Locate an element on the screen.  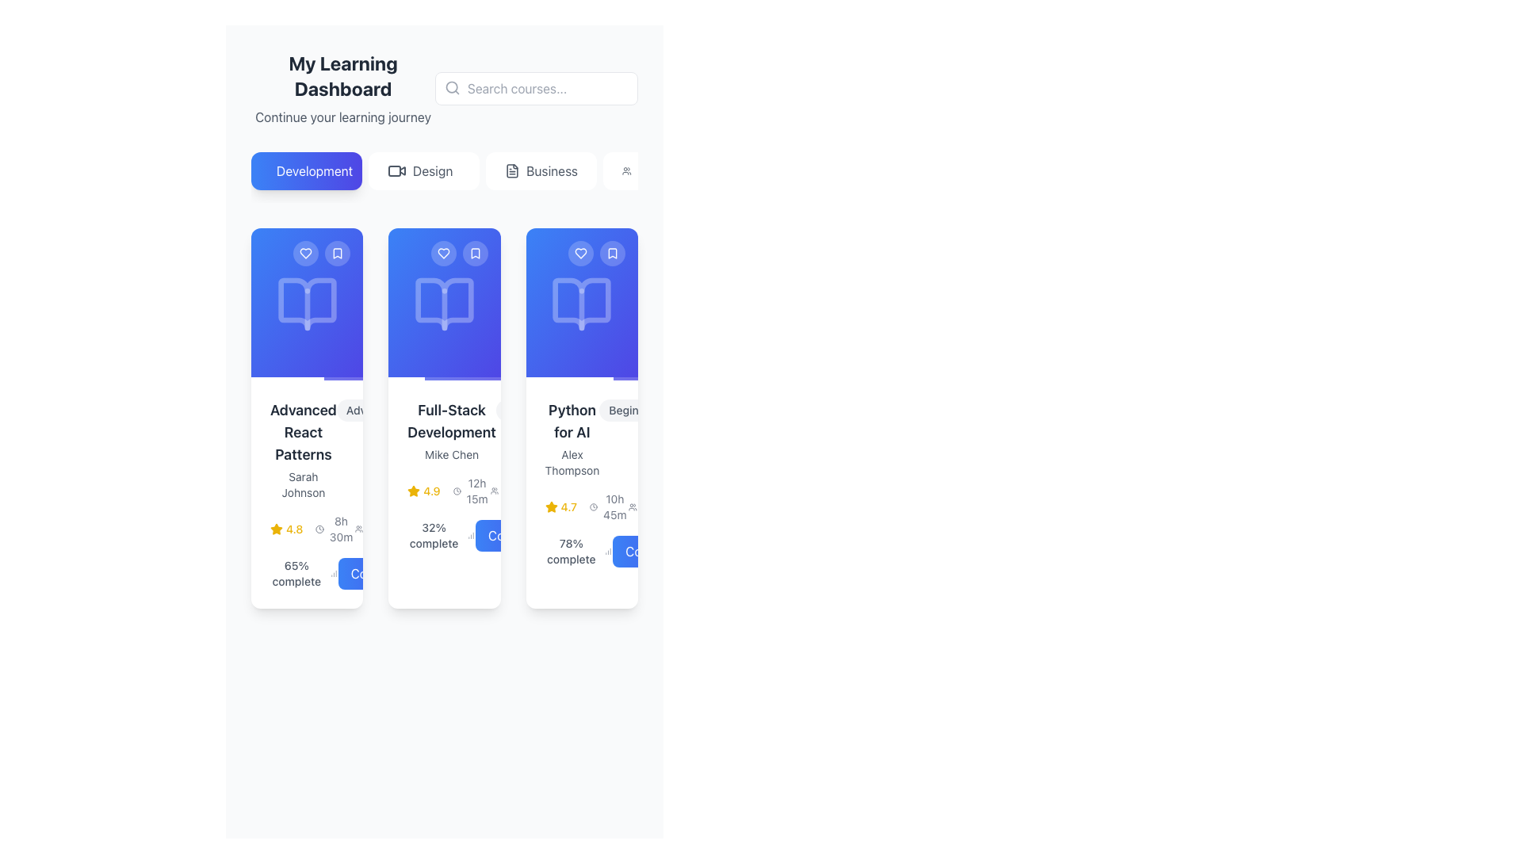
the bookmark icon located at the top right of the second card, which is part of a group of three horizontal icons is located at coordinates (337, 253).